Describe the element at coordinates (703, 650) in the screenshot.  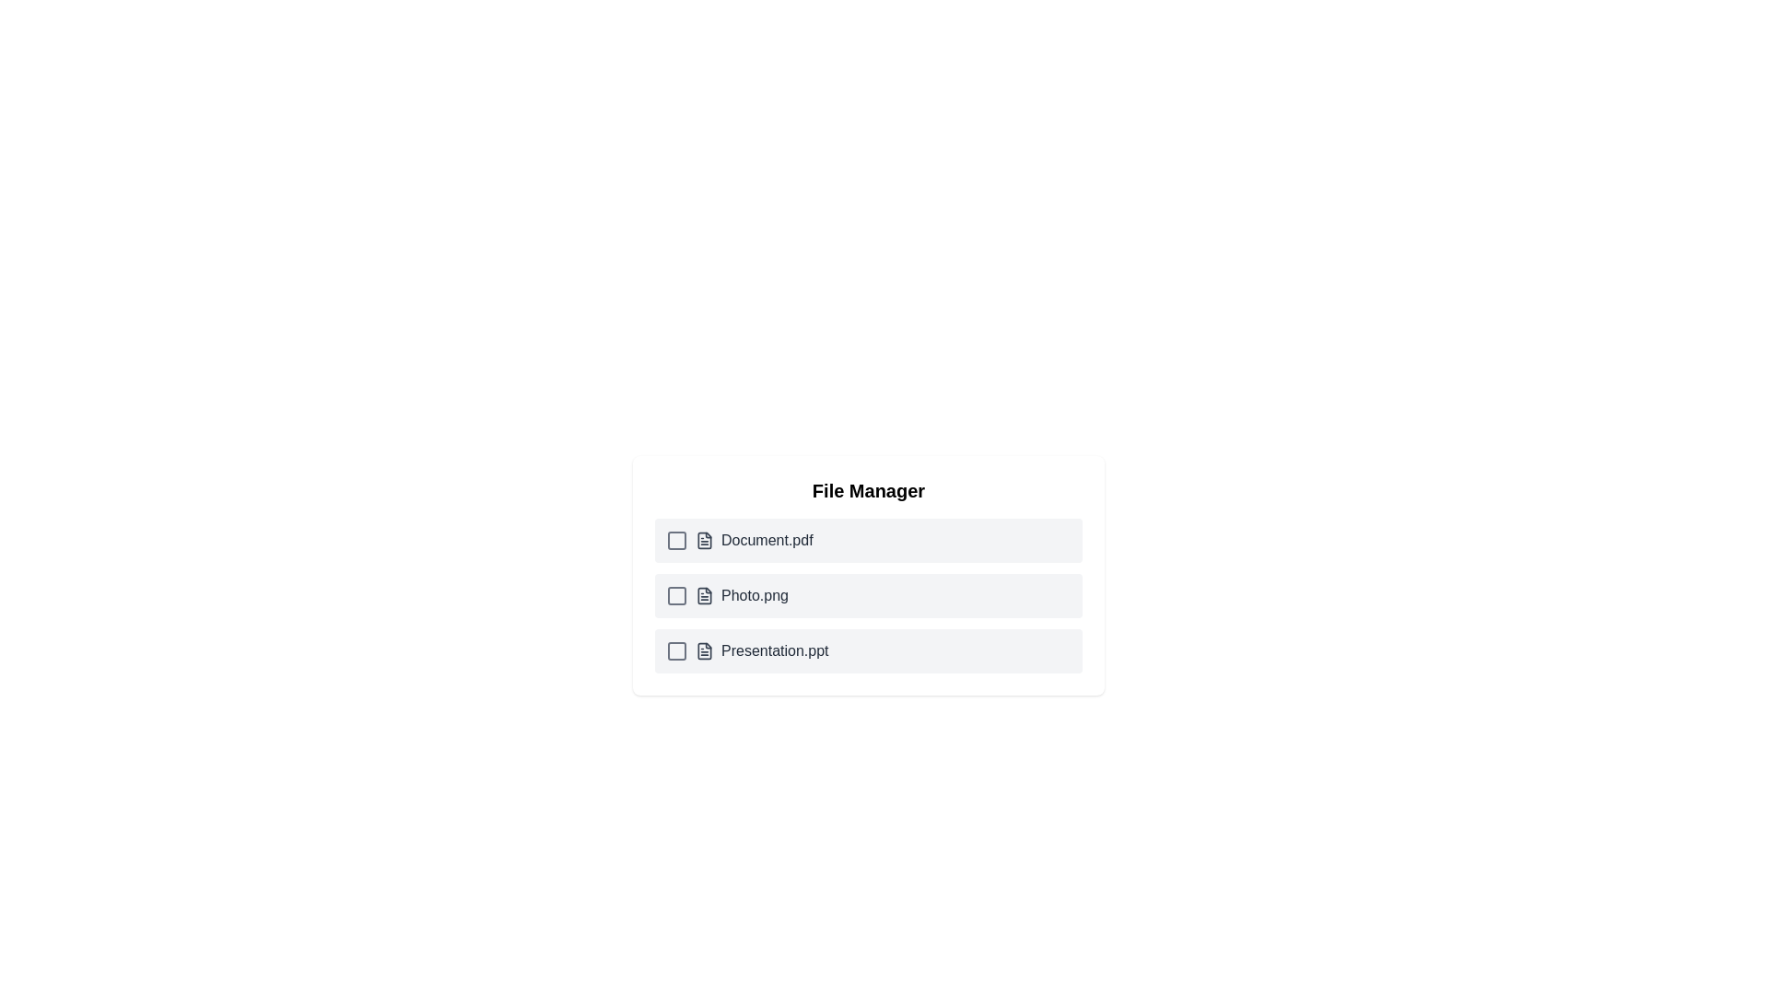
I see `the file icon representing the document for 'Presentation.ppt' in the file manager interface, which is the third icon in a vertical list` at that location.